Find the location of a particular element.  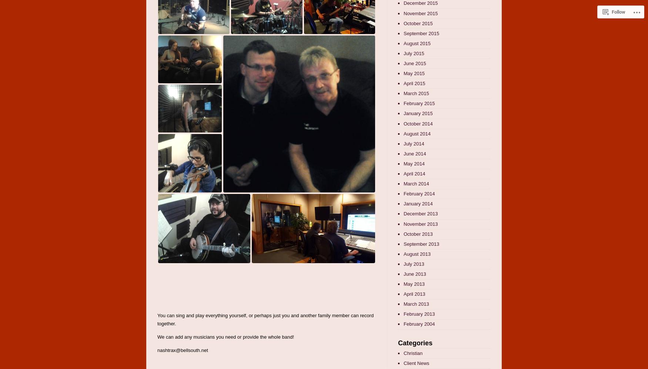

'January 2014' is located at coordinates (417, 204).